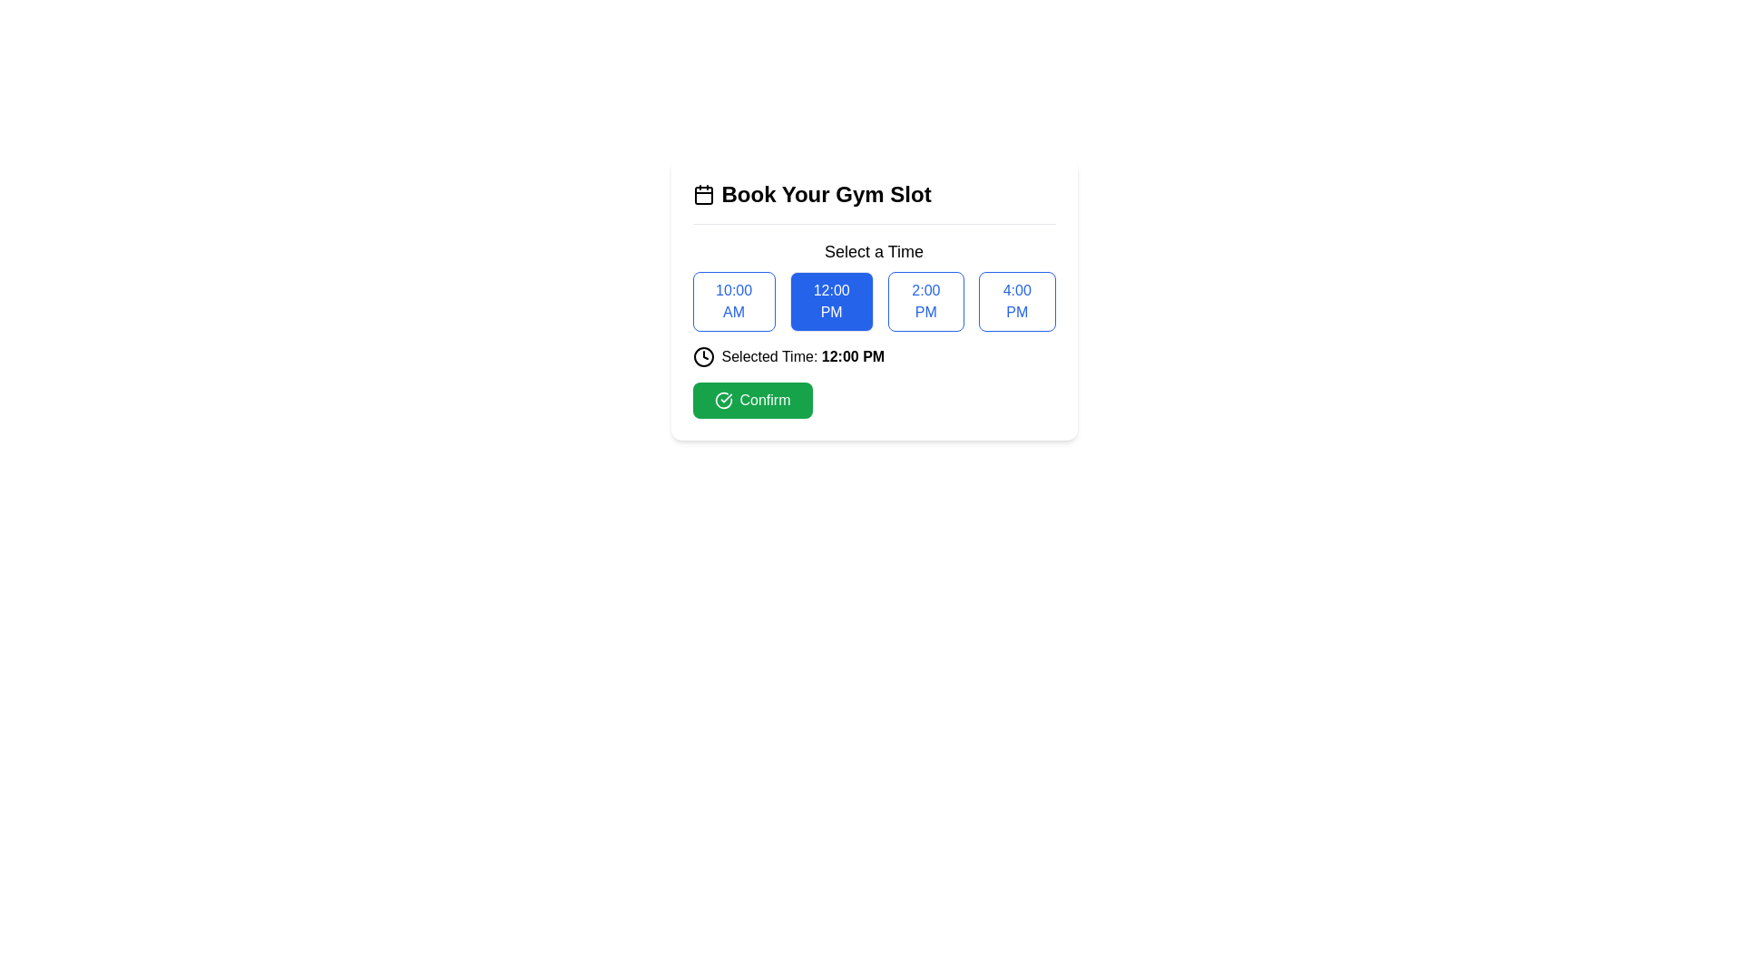 The image size is (1742, 979). What do you see at coordinates (734, 300) in the screenshot?
I see `the first time slot button for '10:00 AM'` at bounding box center [734, 300].